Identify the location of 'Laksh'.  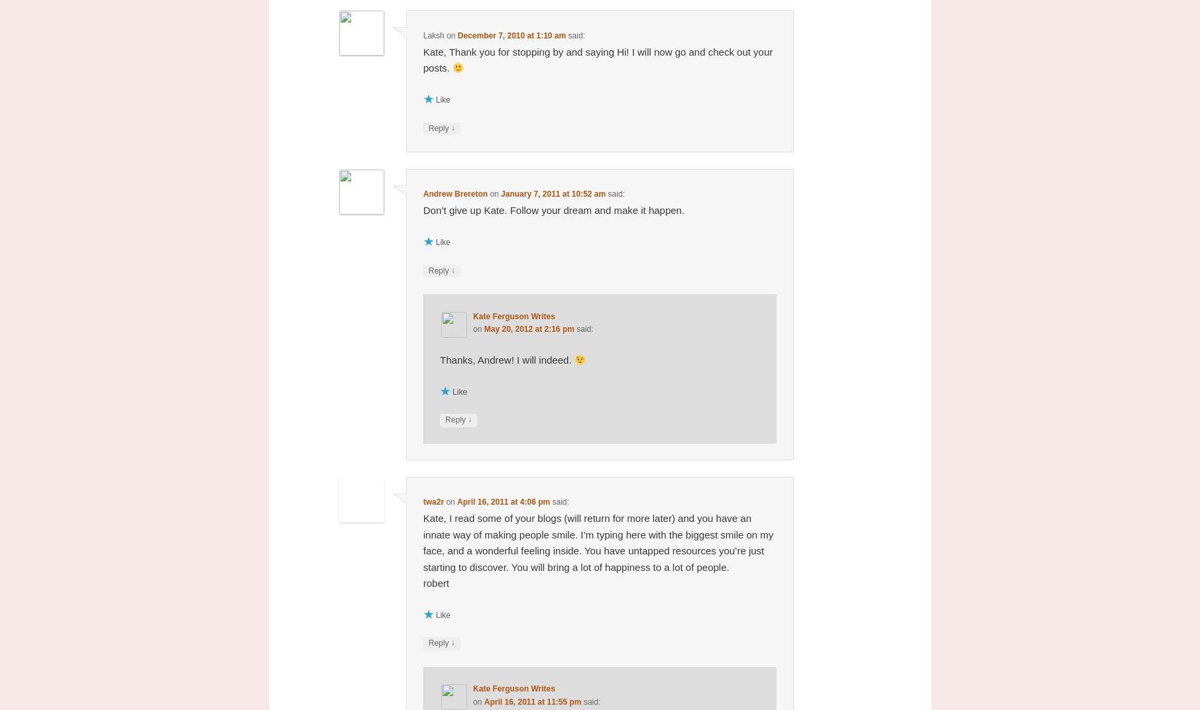
(433, 34).